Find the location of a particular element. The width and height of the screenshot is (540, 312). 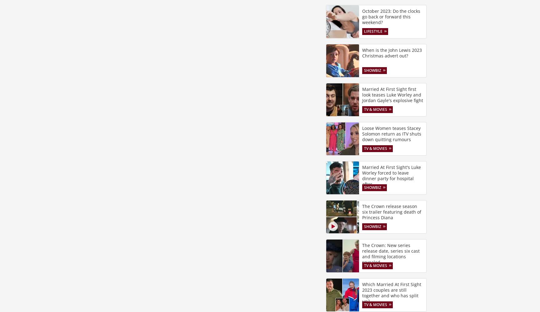

'Married At First Sight's Luke Worley forced to leave dinner party for hospital after' is located at coordinates (391, 175).